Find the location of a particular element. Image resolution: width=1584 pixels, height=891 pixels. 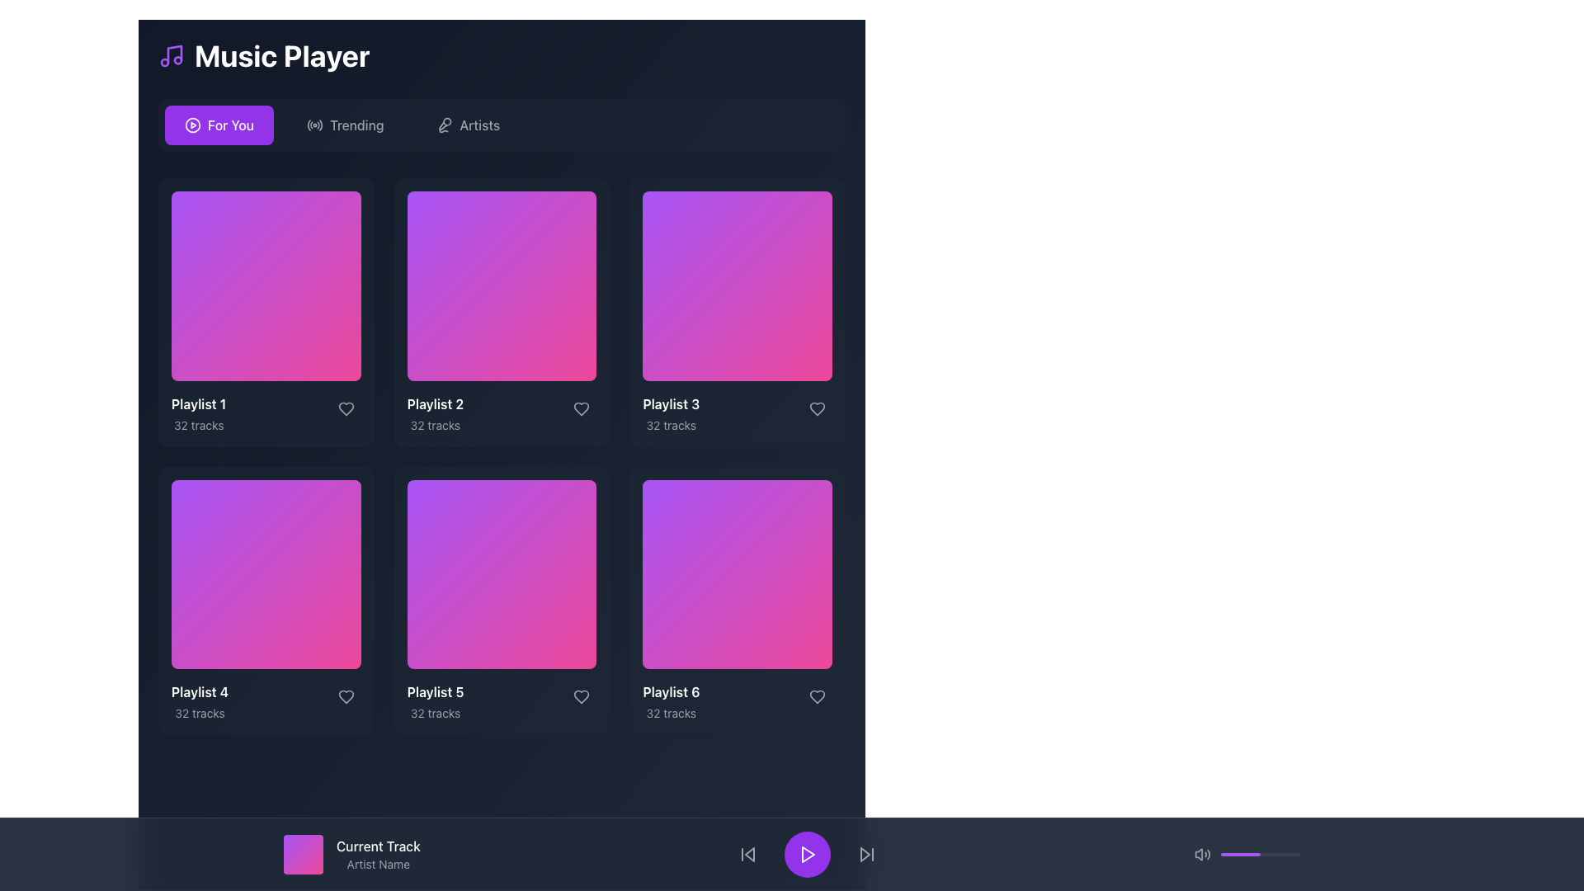

the music branding icon located in the top header section, to the left of the 'Music Player' label is located at coordinates (171, 55).